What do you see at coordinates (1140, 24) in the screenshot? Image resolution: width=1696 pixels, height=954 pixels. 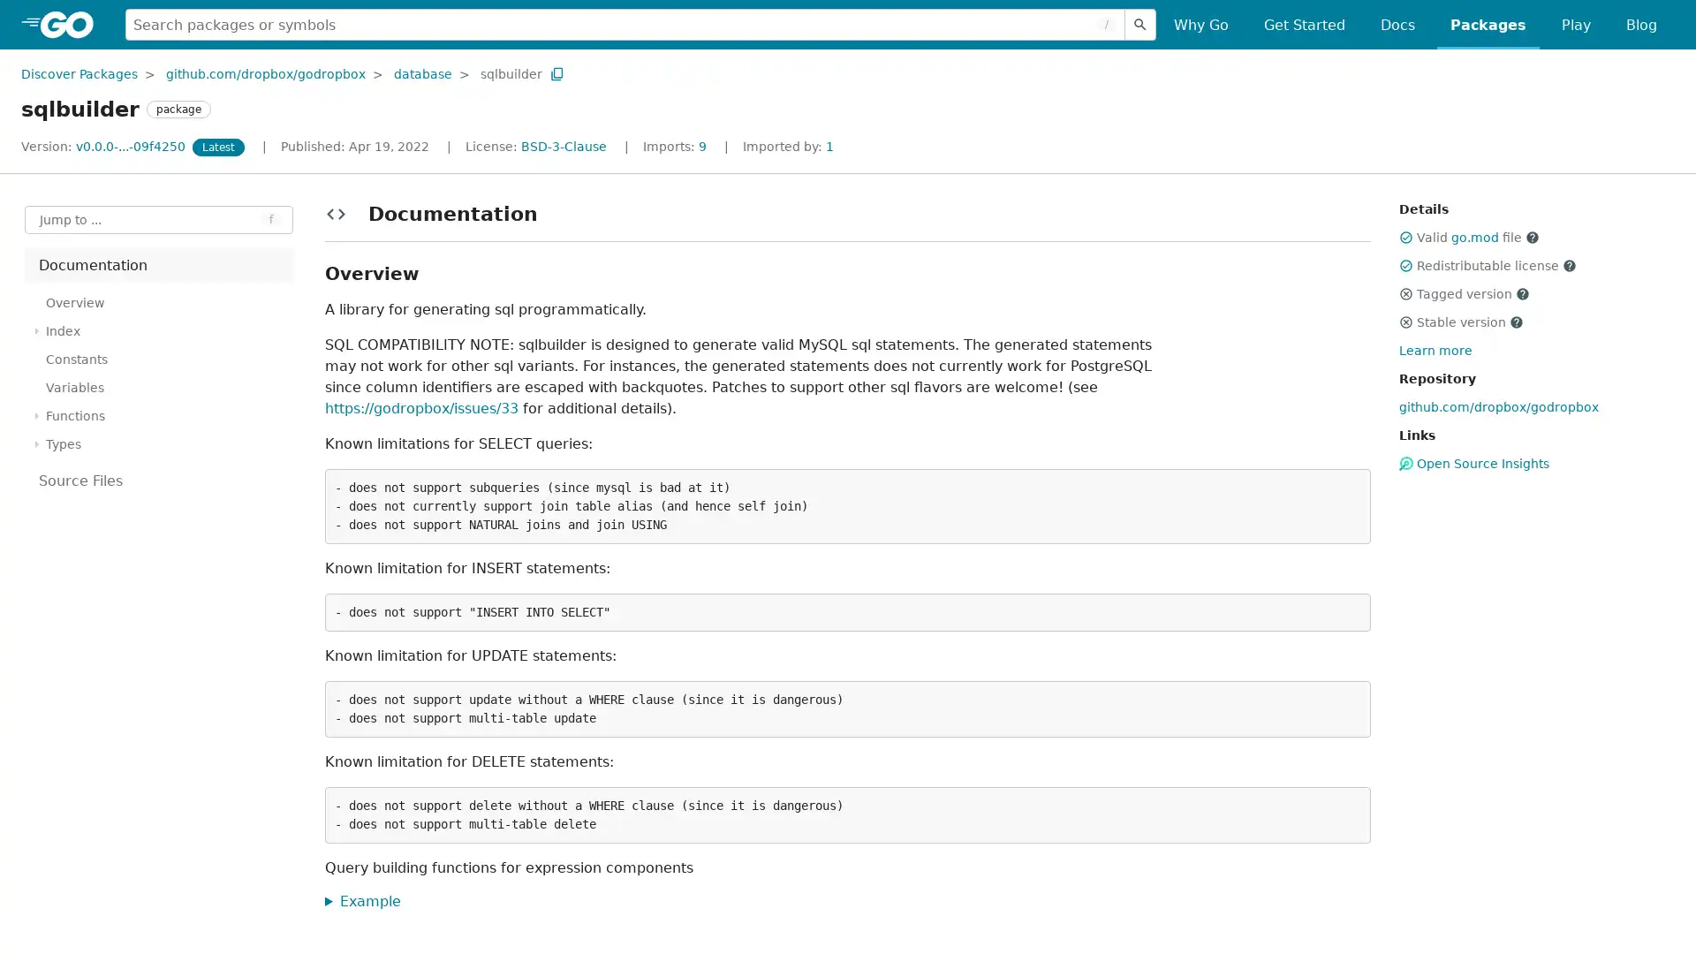 I see `Submit search` at bounding box center [1140, 24].